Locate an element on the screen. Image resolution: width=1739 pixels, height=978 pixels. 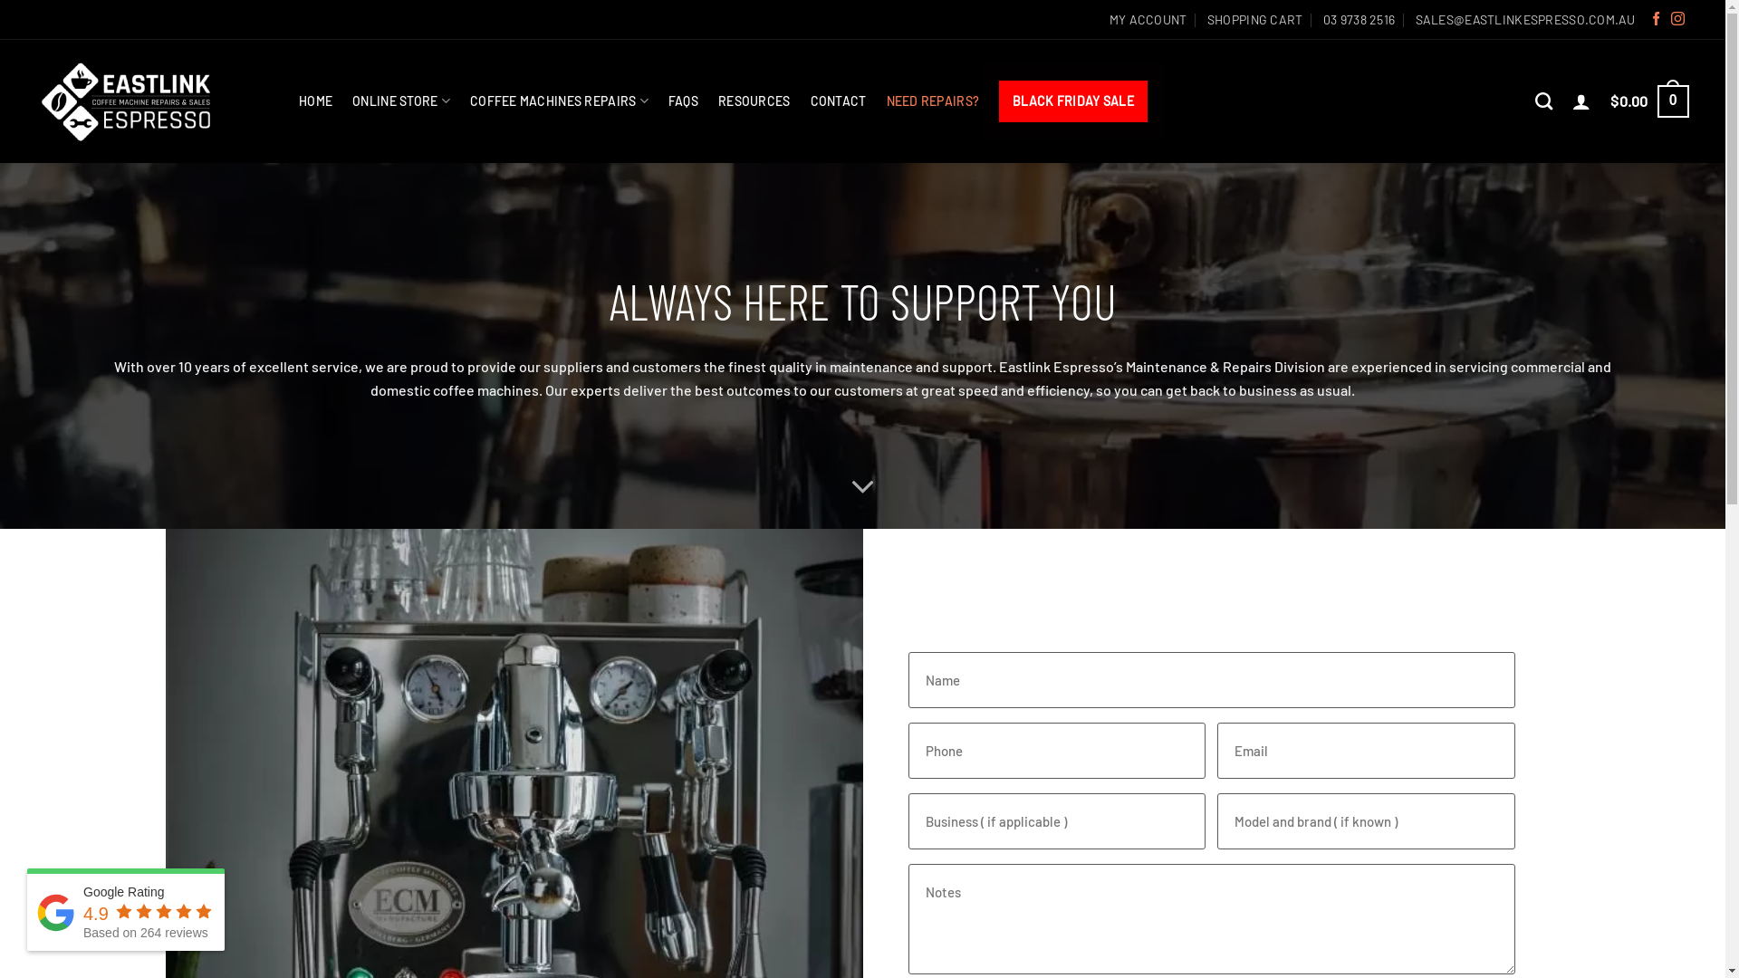
'03 9738 2516' is located at coordinates (1322, 18).